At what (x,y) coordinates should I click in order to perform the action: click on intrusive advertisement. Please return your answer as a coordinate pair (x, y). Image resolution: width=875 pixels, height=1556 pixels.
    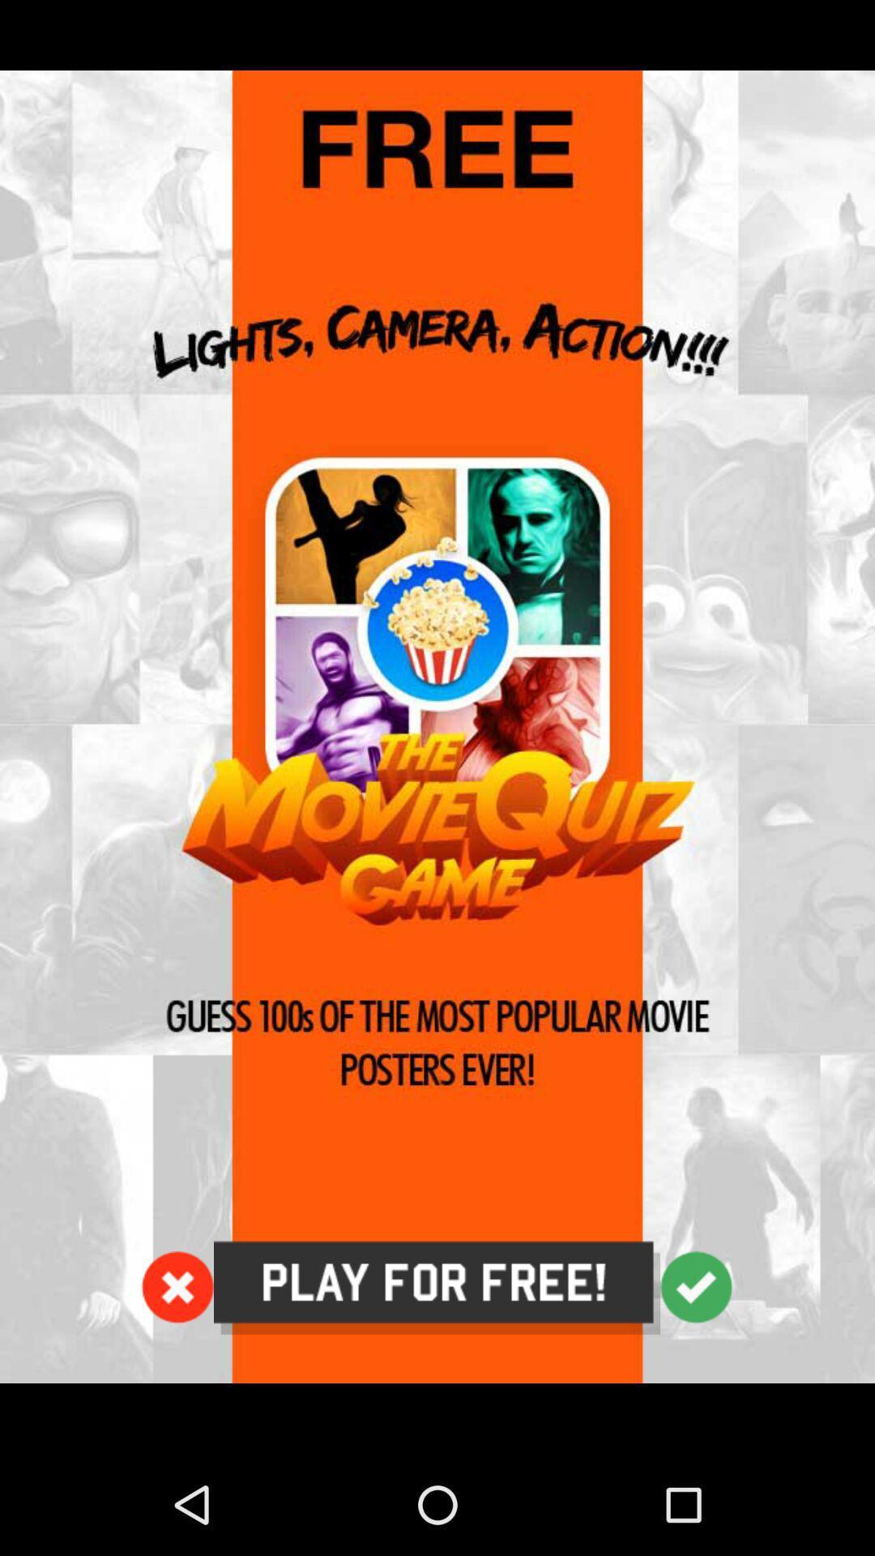
    Looking at the image, I should click on (437, 726).